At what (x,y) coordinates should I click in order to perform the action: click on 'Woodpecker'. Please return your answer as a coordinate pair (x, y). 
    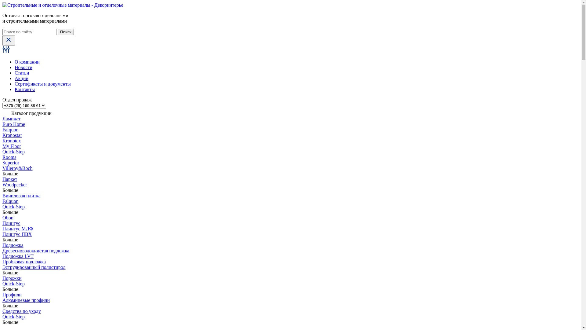
    Looking at the image, I should click on (15, 184).